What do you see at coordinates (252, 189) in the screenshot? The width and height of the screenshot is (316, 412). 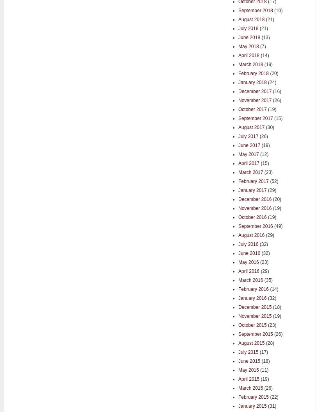 I see `'January 2017'` at bounding box center [252, 189].